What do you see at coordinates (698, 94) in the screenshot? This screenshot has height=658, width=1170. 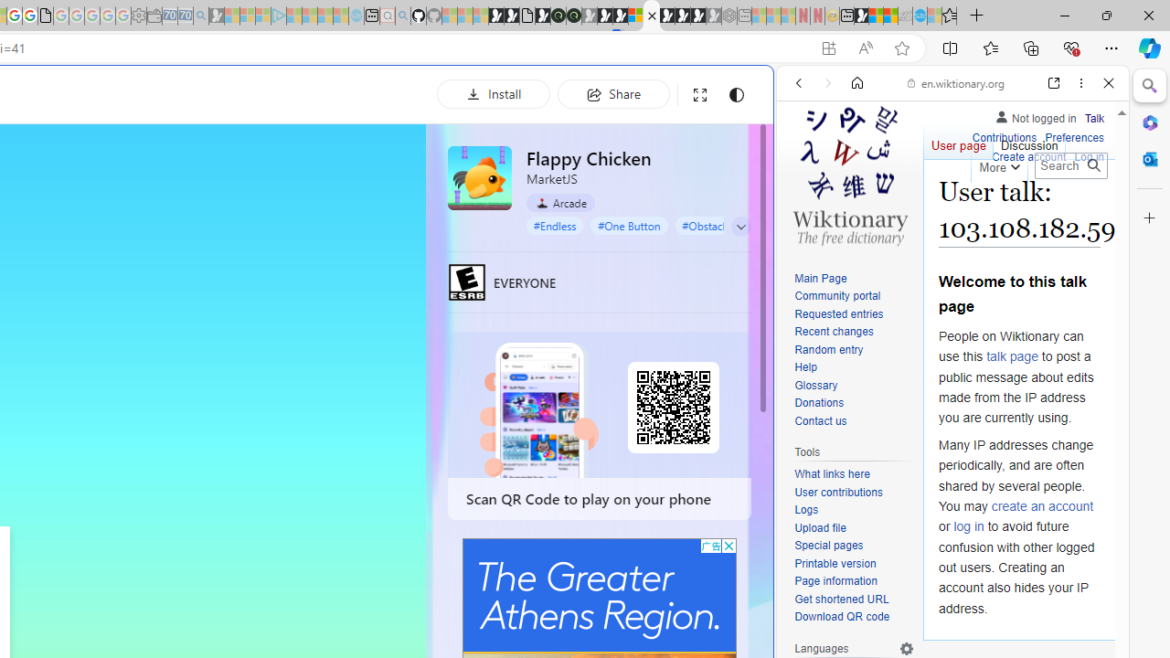 I see `'Full screen'` at bounding box center [698, 94].